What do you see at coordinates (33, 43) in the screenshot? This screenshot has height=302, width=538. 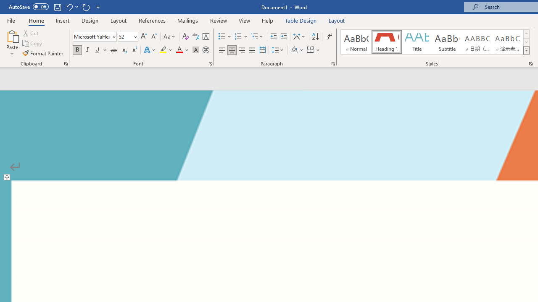 I see `'Copy'` at bounding box center [33, 43].